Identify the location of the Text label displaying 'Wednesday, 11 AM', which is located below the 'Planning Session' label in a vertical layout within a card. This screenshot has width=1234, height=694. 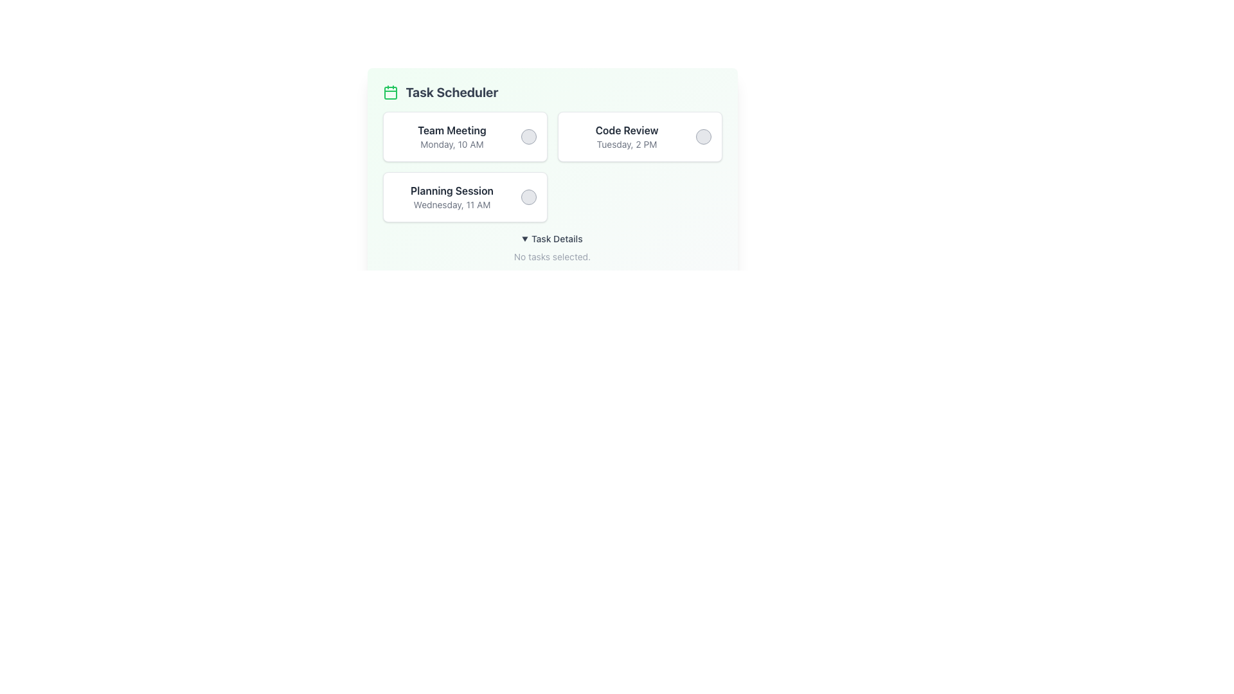
(452, 204).